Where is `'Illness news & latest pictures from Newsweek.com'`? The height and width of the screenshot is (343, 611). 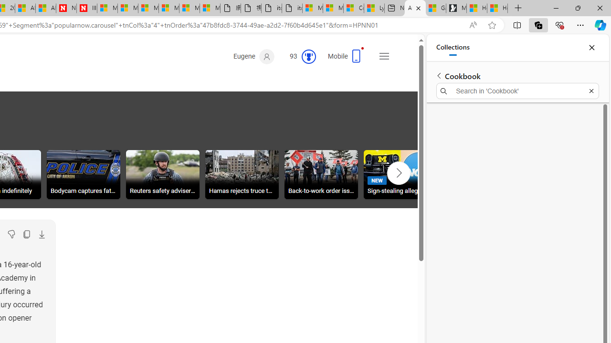
'Illness news & latest pictures from Newsweek.com' is located at coordinates (87, 8).